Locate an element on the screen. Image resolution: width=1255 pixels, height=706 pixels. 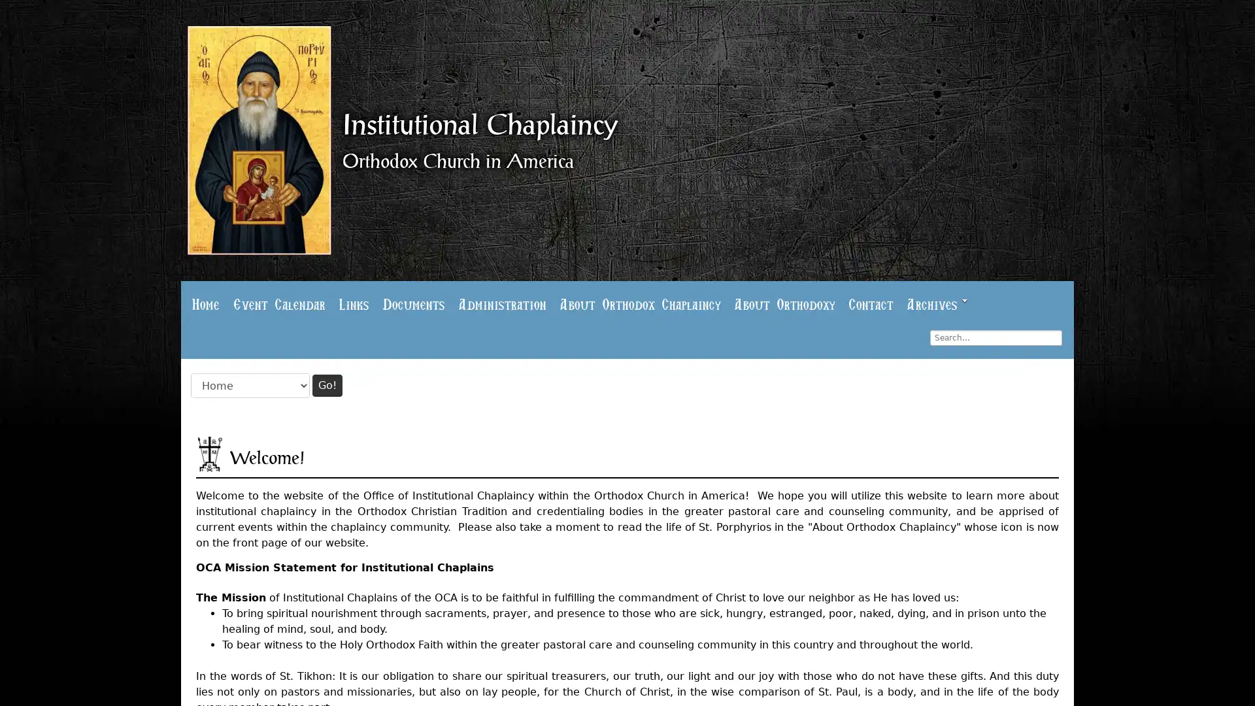
Go! is located at coordinates (327, 382).